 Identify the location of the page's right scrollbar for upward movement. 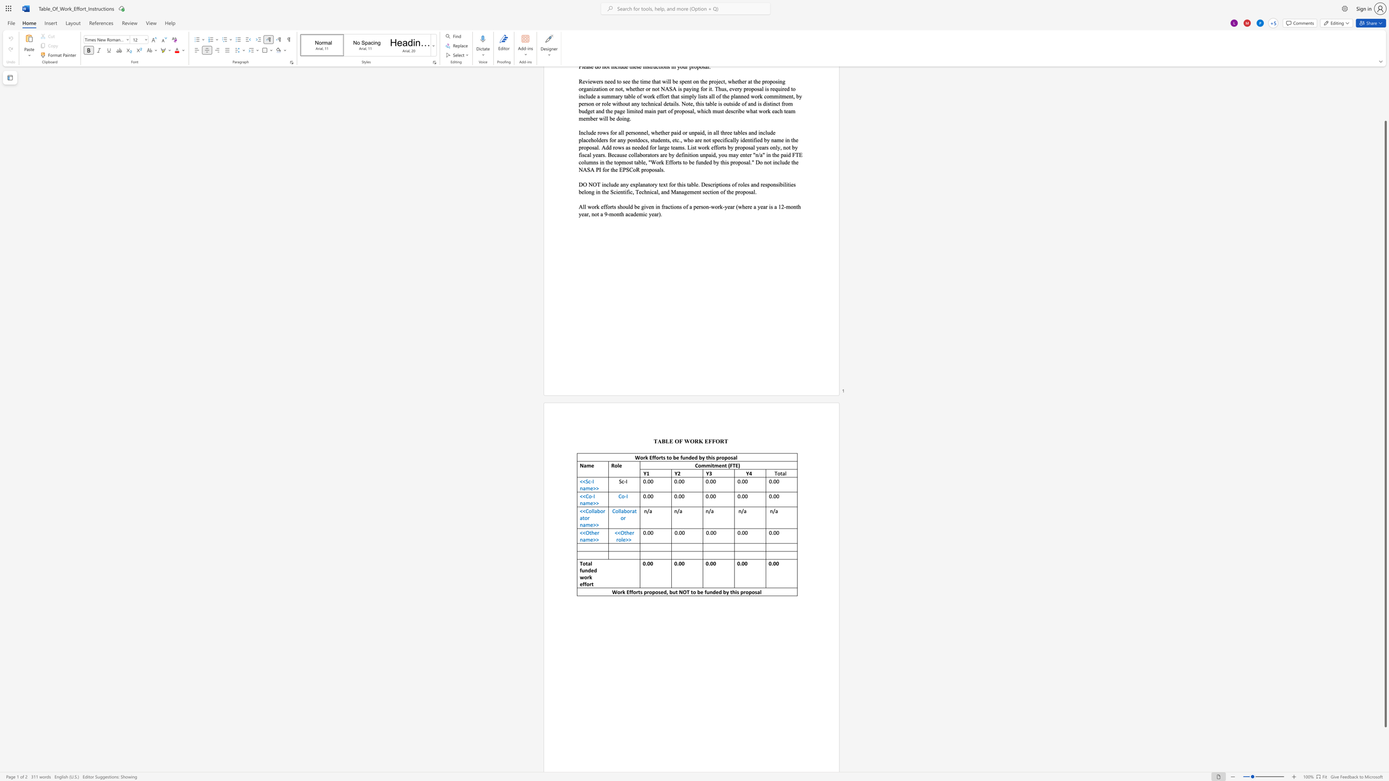
(1385, 104).